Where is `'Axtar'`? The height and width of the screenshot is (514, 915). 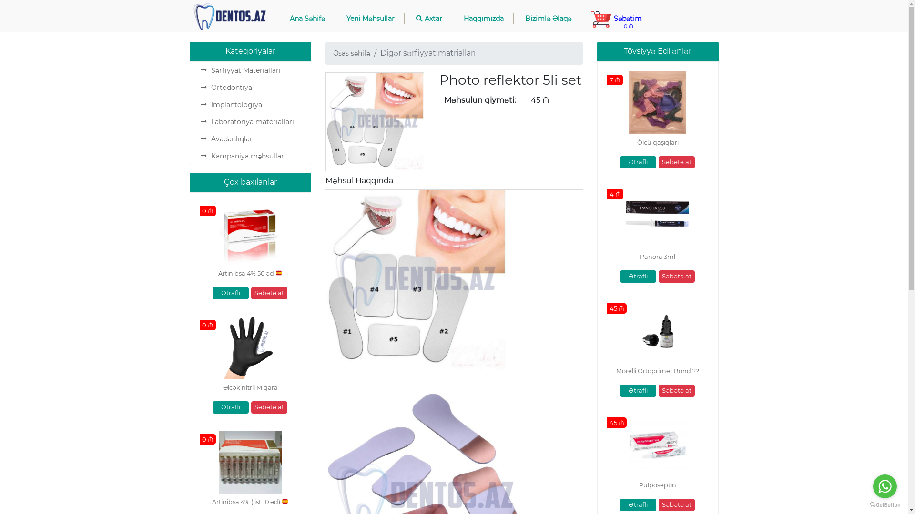
'Axtar' is located at coordinates (406, 18).